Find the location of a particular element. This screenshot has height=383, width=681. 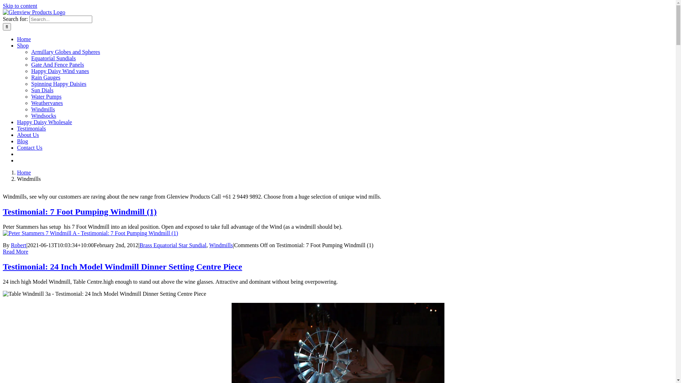

'Water Pumps' is located at coordinates (46, 96).